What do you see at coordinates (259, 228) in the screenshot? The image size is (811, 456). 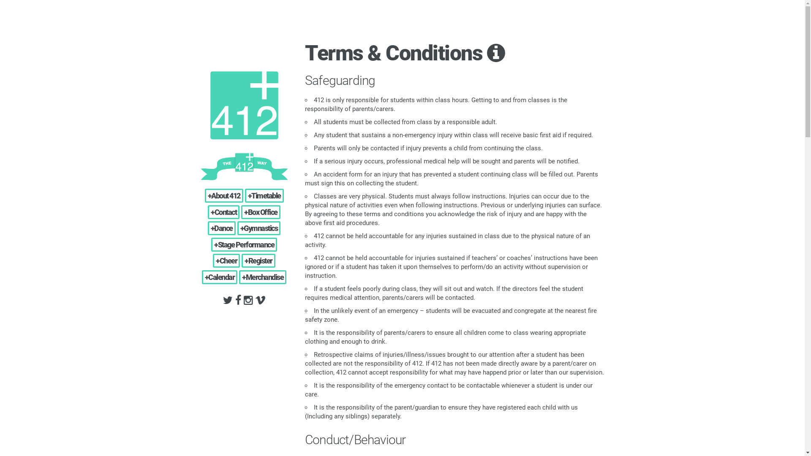 I see `'+Gymnastics'` at bounding box center [259, 228].